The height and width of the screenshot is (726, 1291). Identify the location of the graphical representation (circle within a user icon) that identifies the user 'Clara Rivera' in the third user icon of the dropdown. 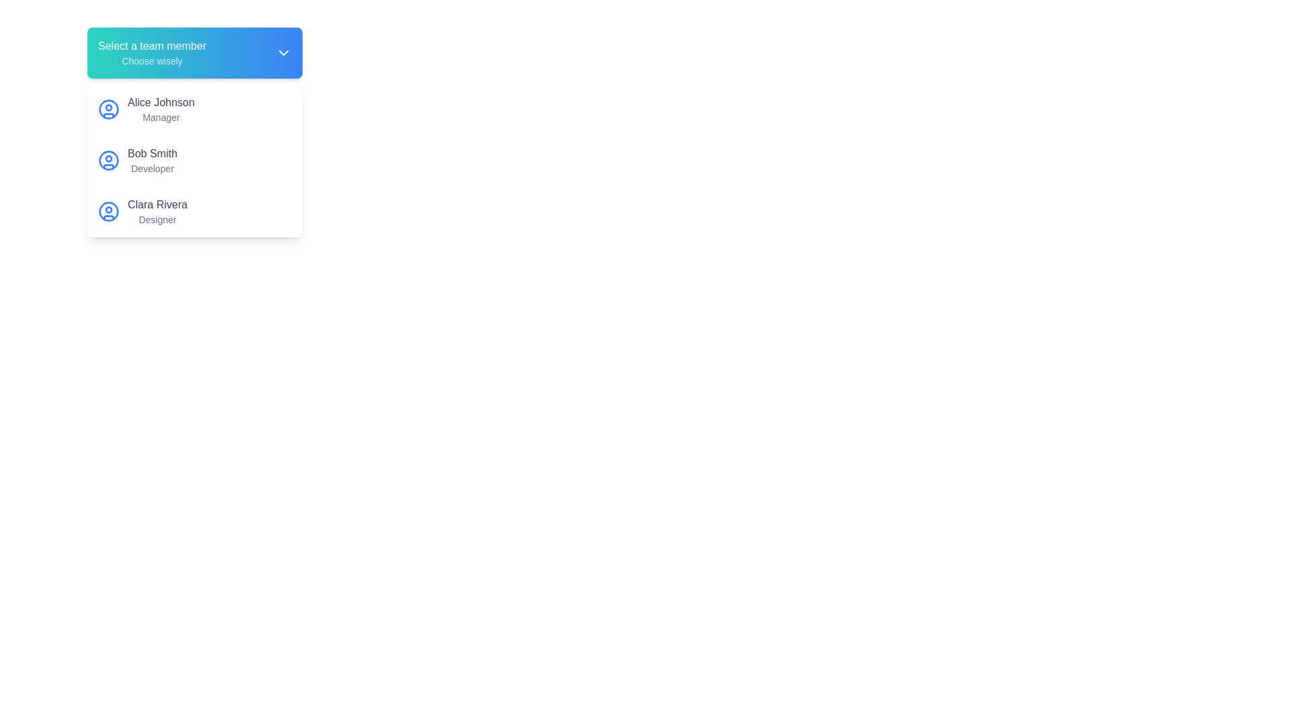
(109, 212).